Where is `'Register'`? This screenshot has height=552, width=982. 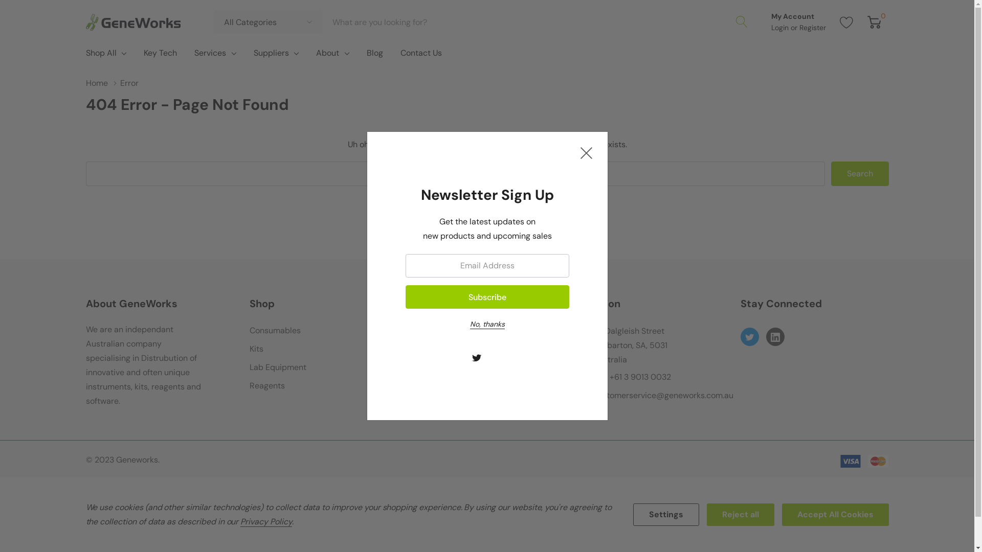
'Register' is located at coordinates (812, 27).